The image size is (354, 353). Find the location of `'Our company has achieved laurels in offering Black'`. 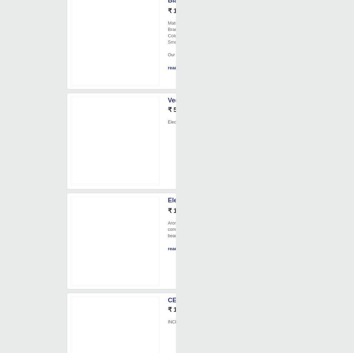

'Our company has achieved laurels in offering Black' is located at coordinates (216, 54).